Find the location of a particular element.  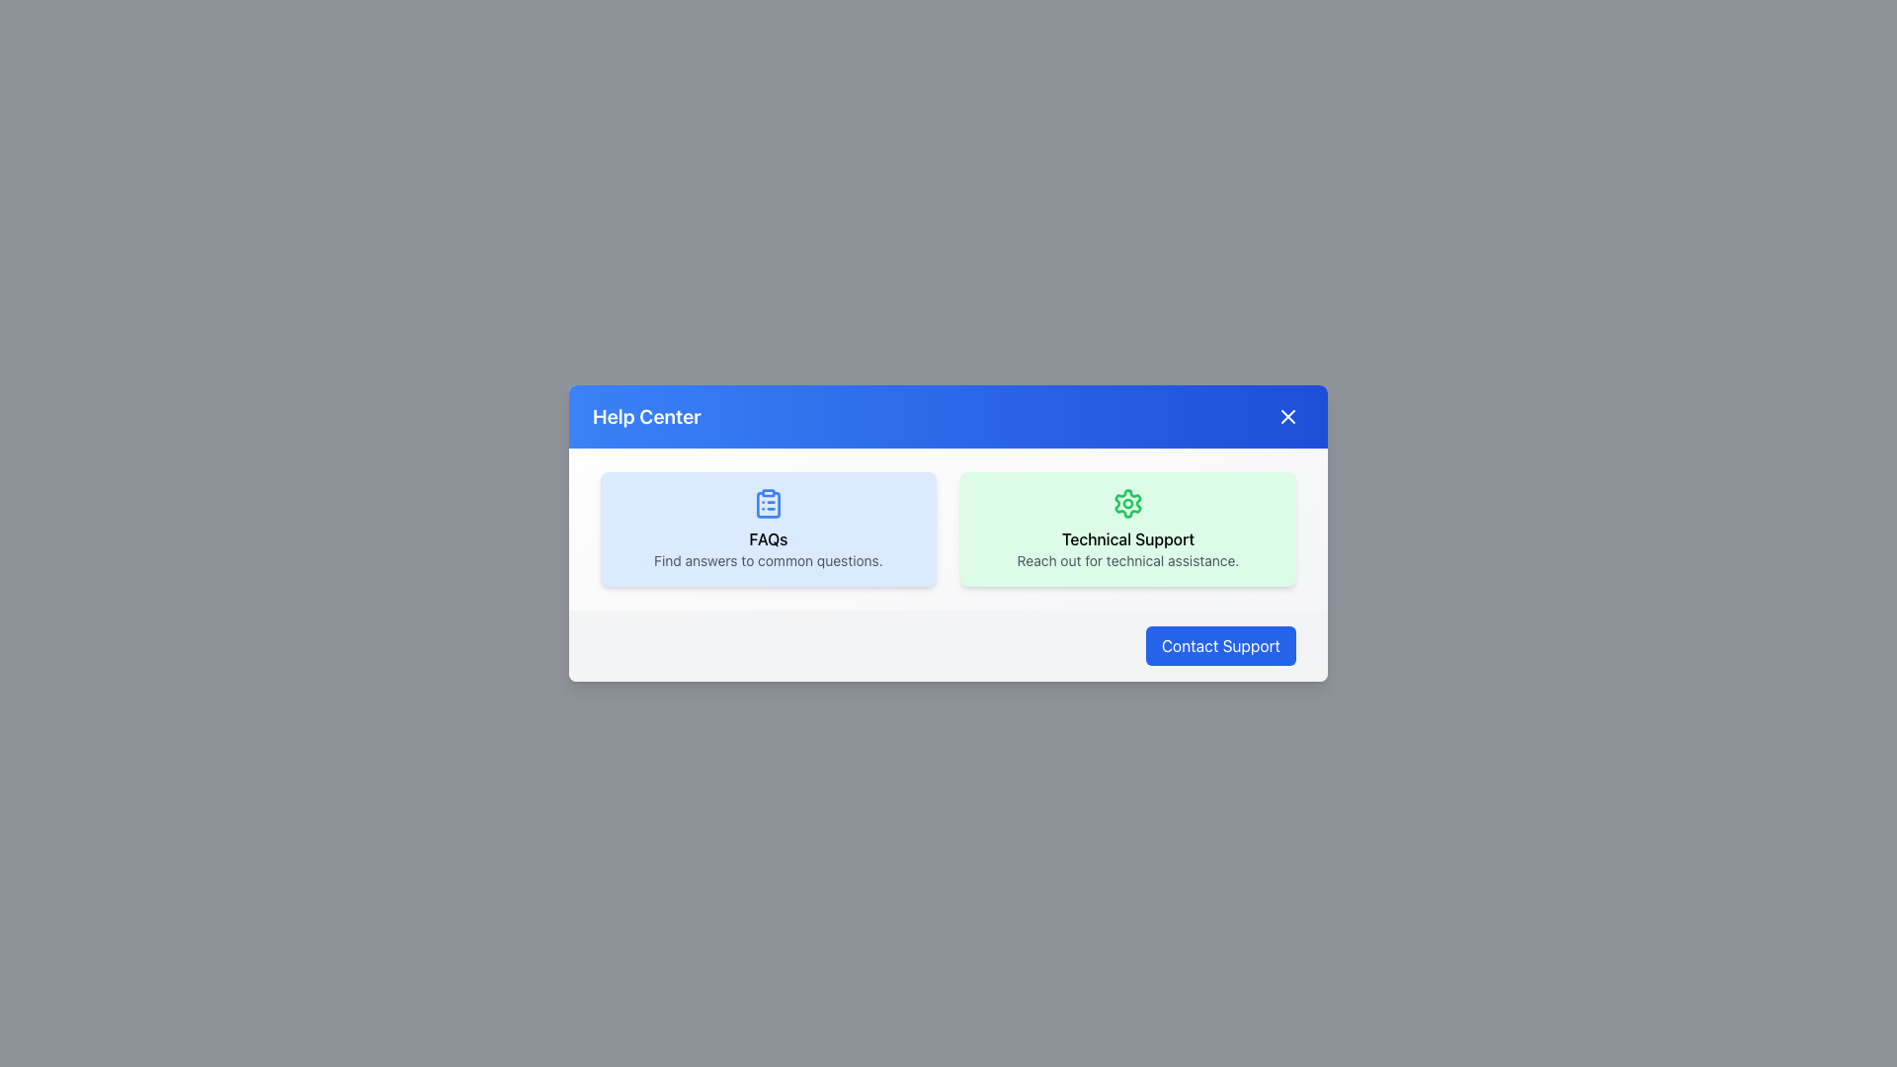

the settings icon located in the green 'Technical Support' panel, which is centered within the panel and represents configurations is located at coordinates (1128, 502).